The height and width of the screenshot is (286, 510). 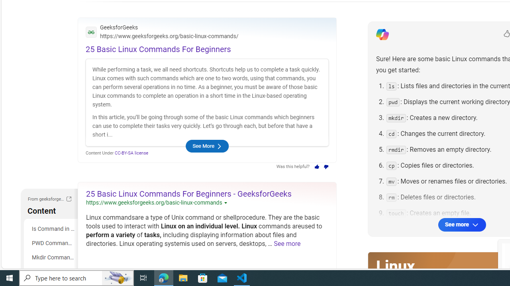 What do you see at coordinates (52, 243) in the screenshot?
I see `'PWD Command in Linux'` at bounding box center [52, 243].